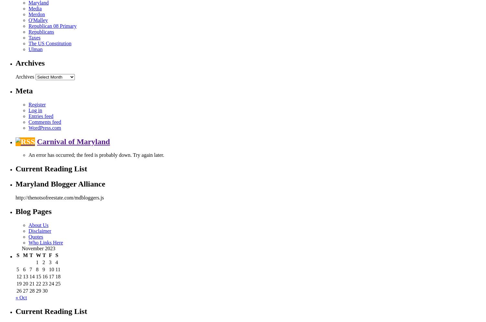 This screenshot has height=322, width=486. What do you see at coordinates (44, 262) in the screenshot?
I see `'2'` at bounding box center [44, 262].